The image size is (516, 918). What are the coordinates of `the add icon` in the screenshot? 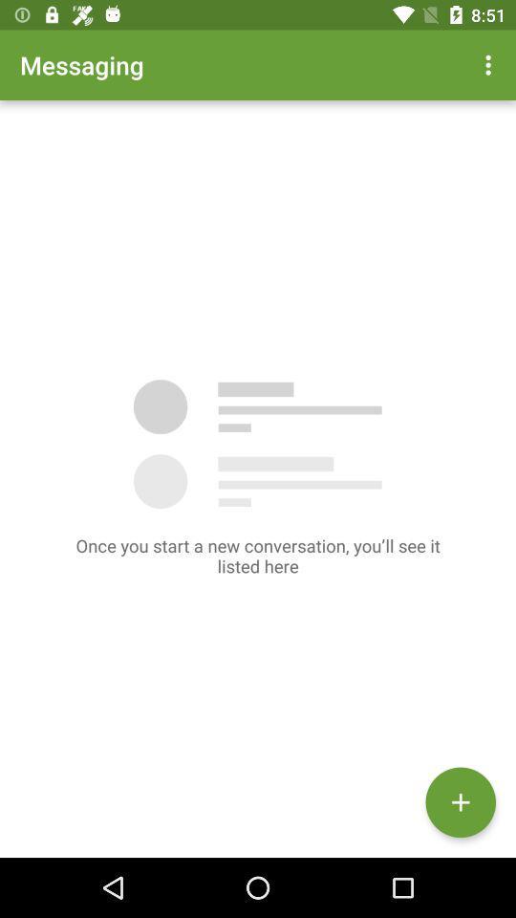 It's located at (460, 802).